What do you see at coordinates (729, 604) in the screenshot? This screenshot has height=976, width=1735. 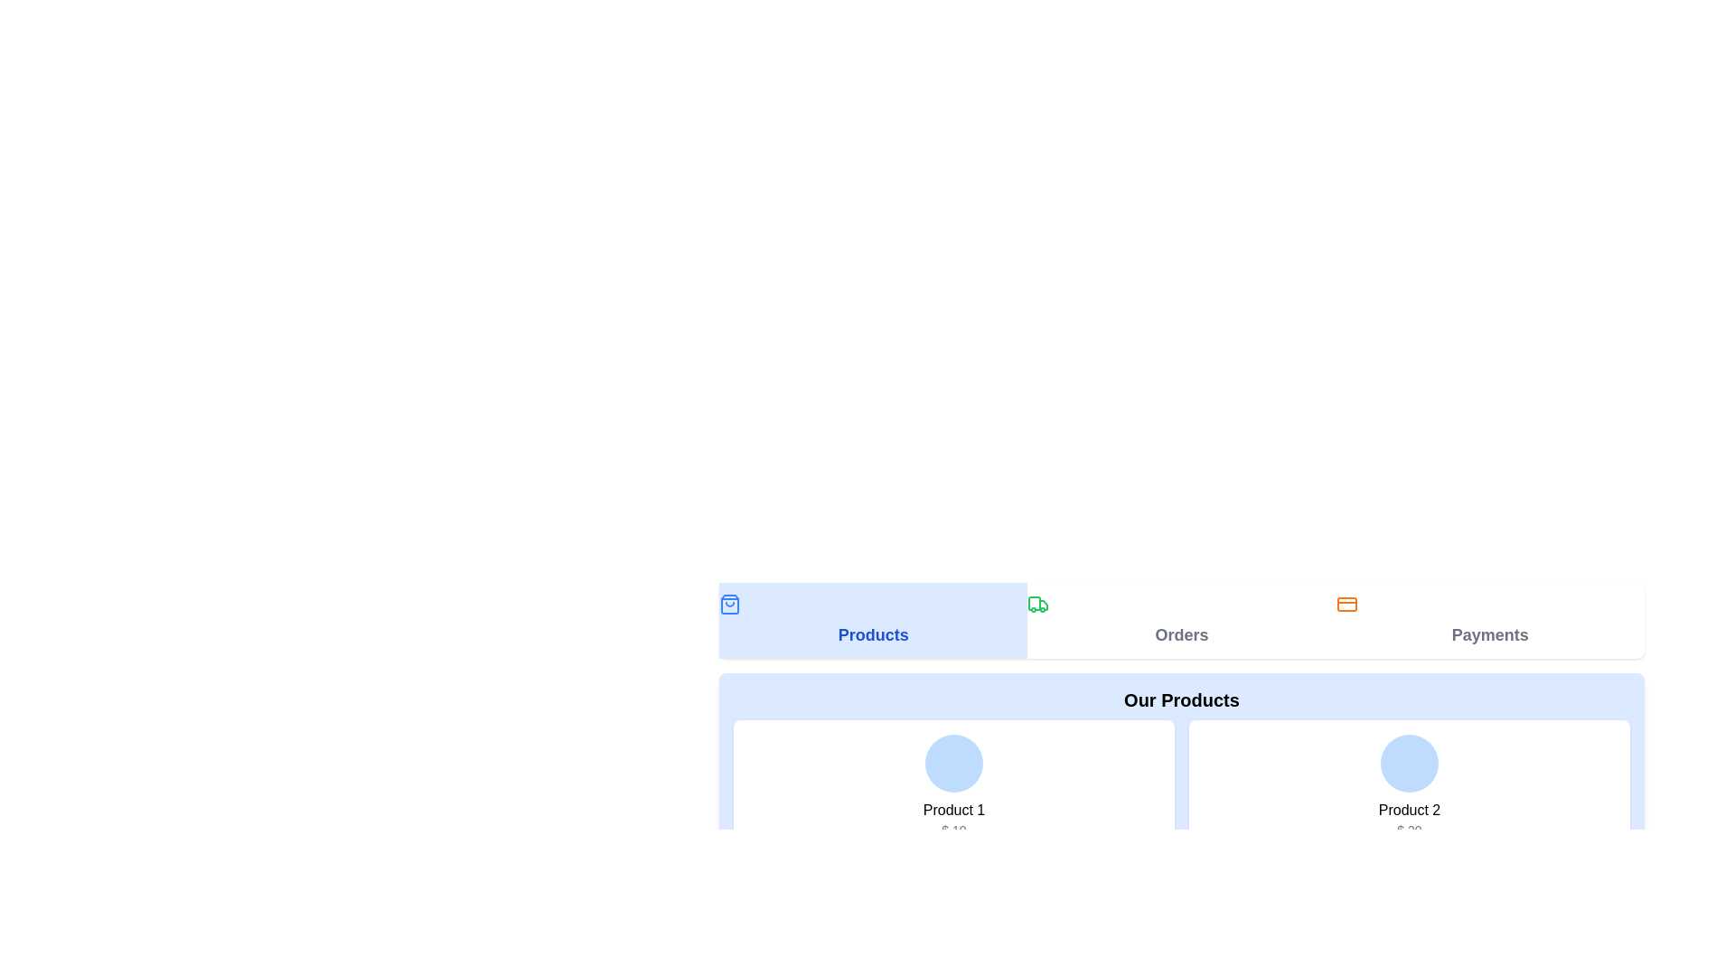 I see `the shopping bag icon located in the navigation bar at the top left, which is part of the 'Products' tab` at bounding box center [729, 604].